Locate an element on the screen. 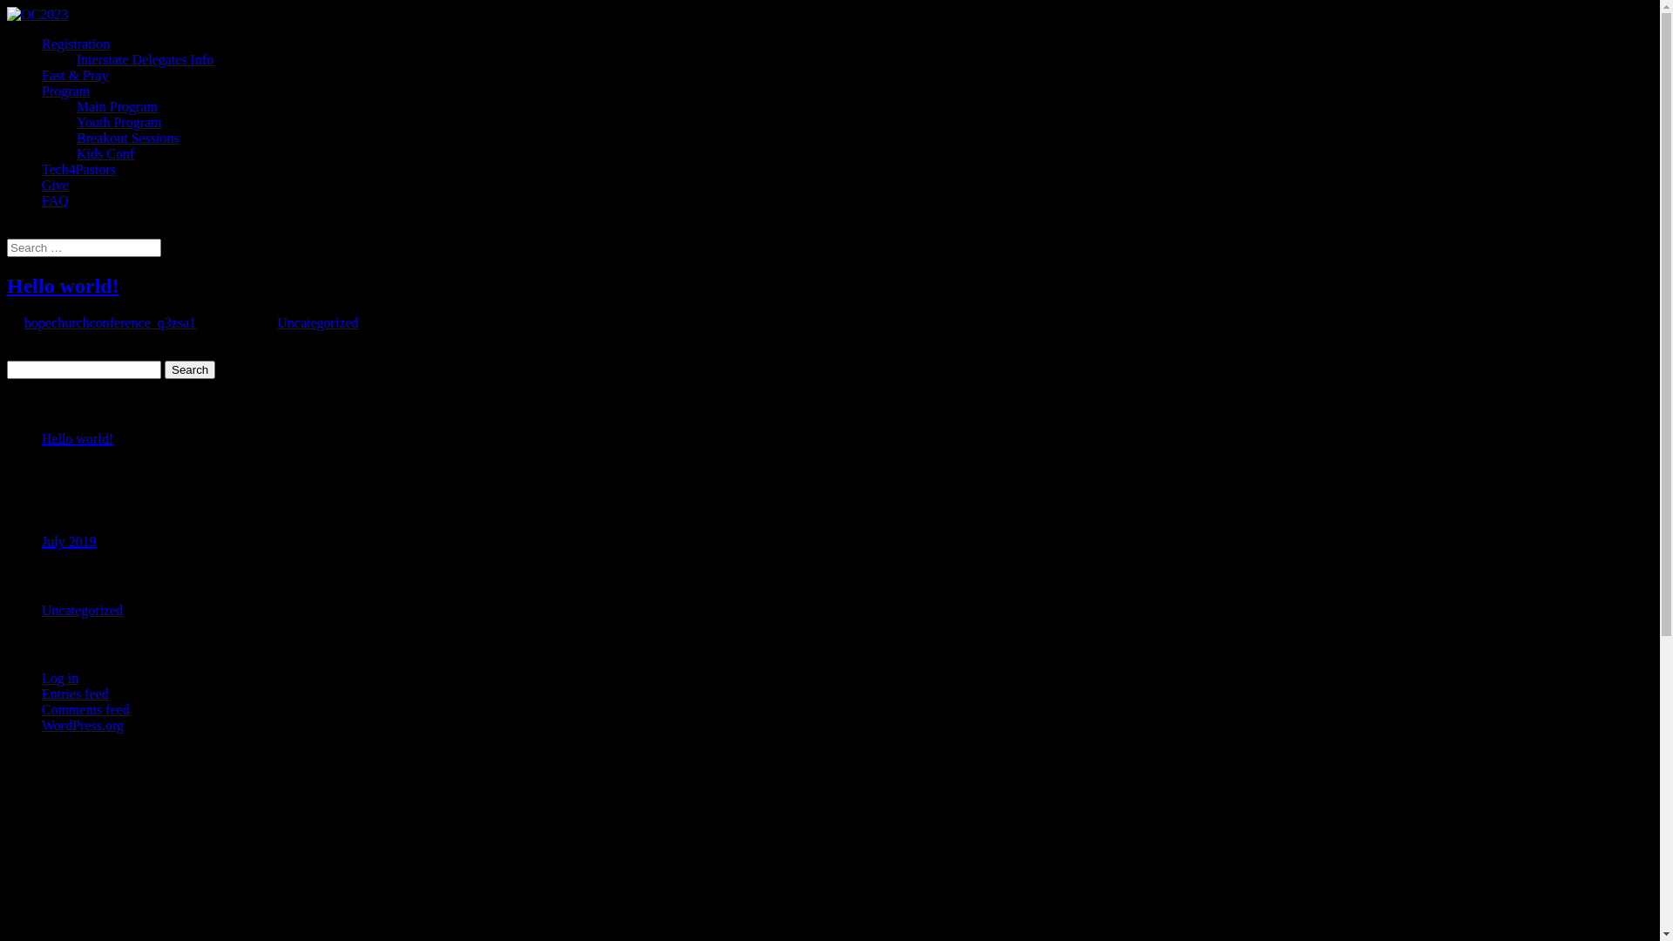 This screenshot has width=1673, height=941. 'Main Program' is located at coordinates (116, 106).